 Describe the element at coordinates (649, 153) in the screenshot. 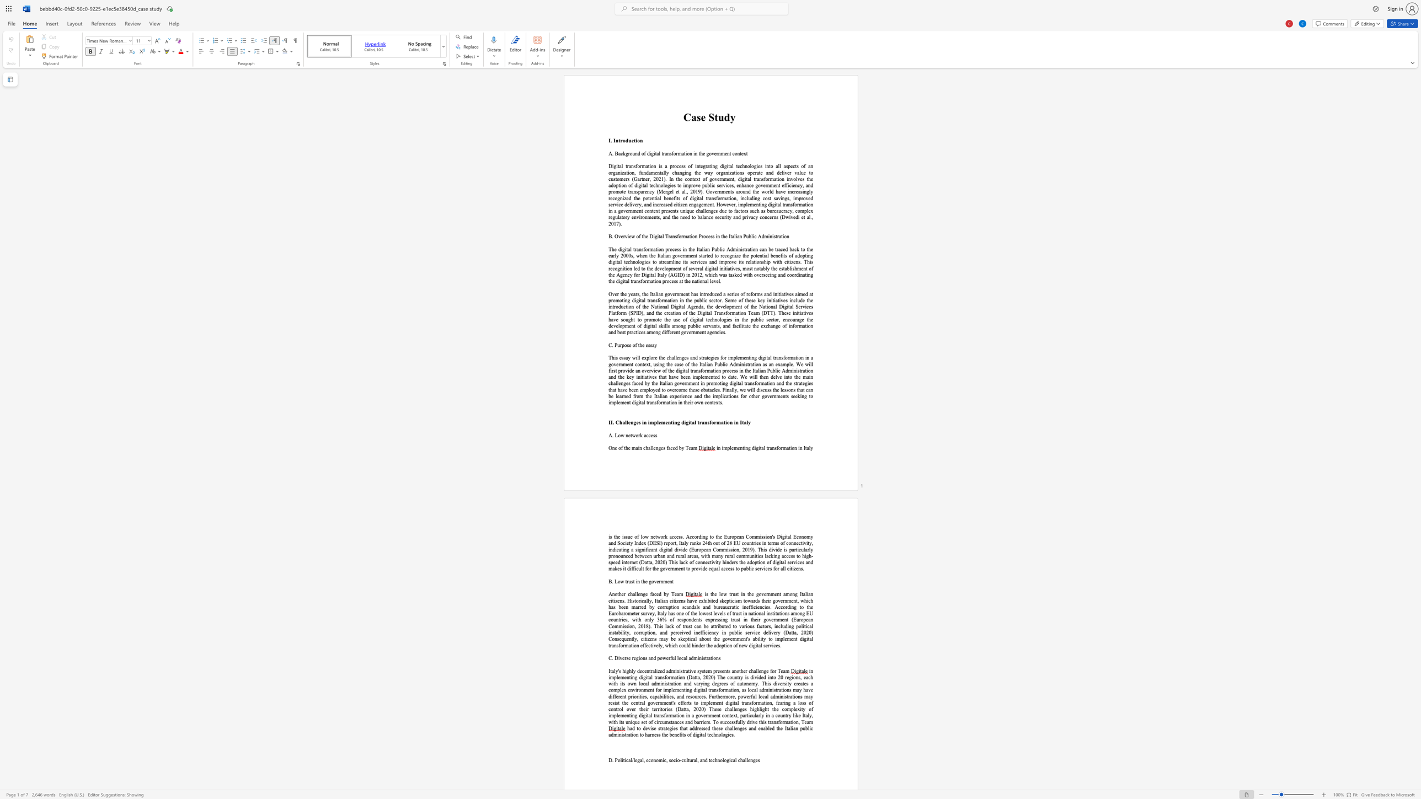

I see `the 1th character "i" in the text` at that location.